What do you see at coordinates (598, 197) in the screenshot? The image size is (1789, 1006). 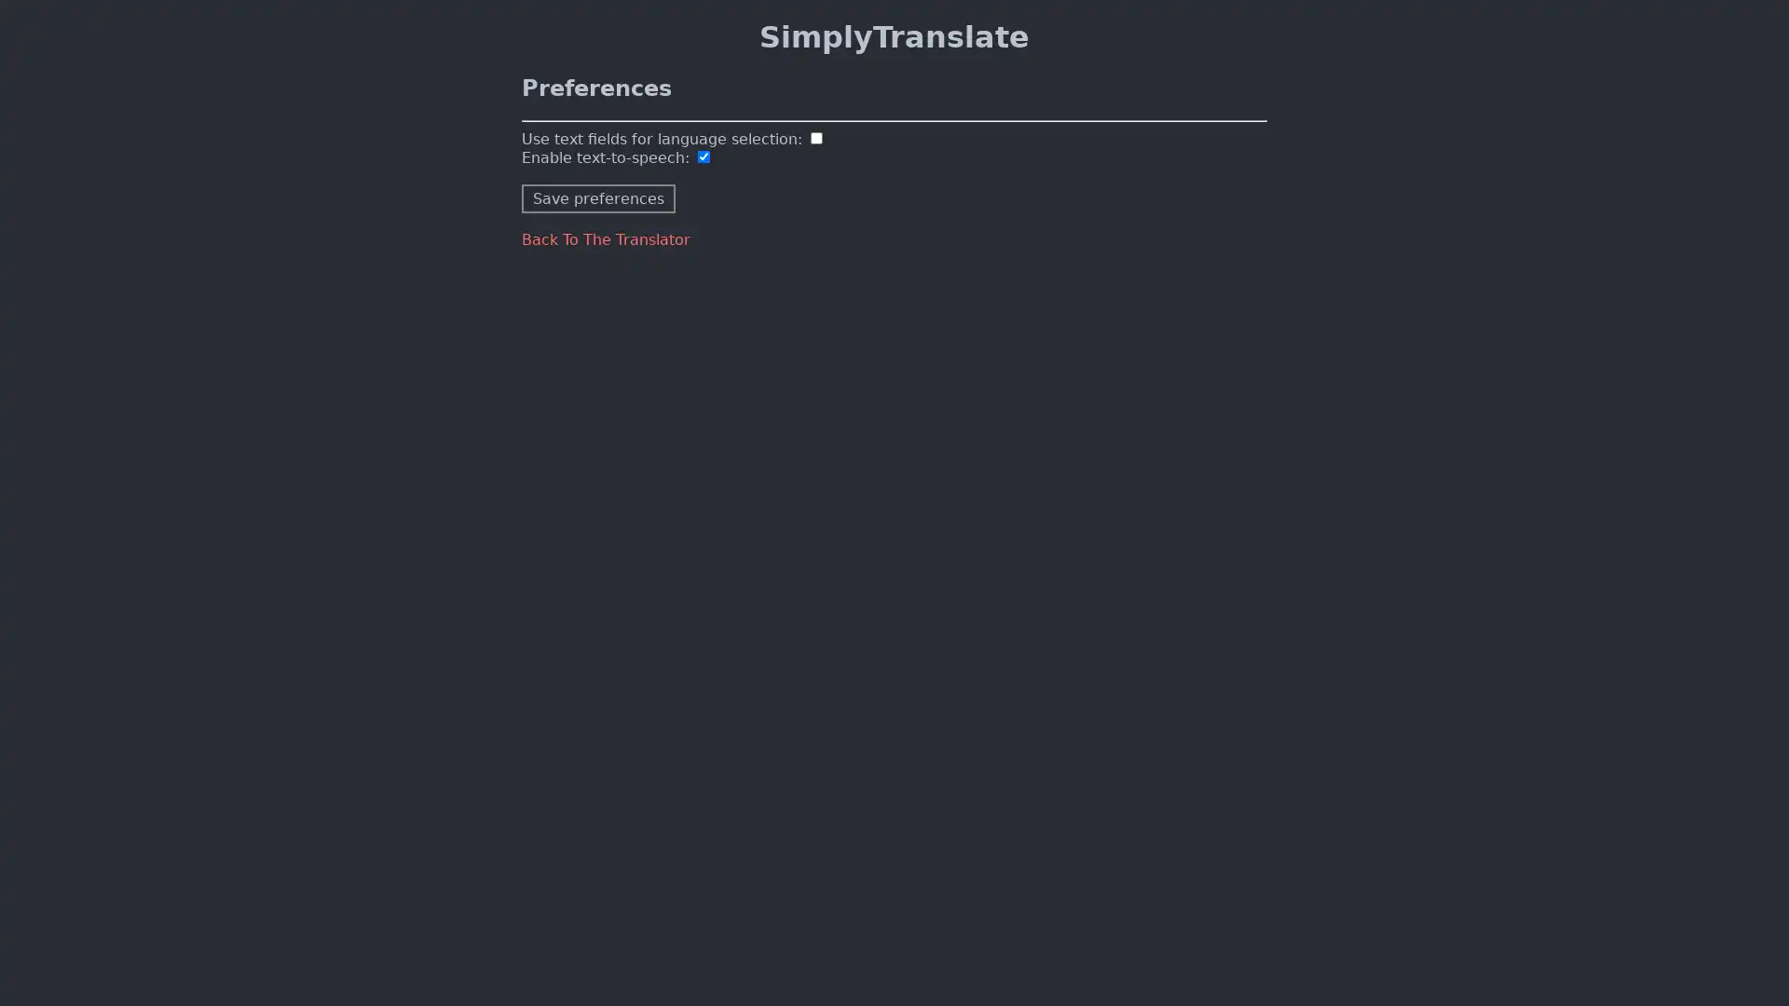 I see `Save preferences` at bounding box center [598, 197].